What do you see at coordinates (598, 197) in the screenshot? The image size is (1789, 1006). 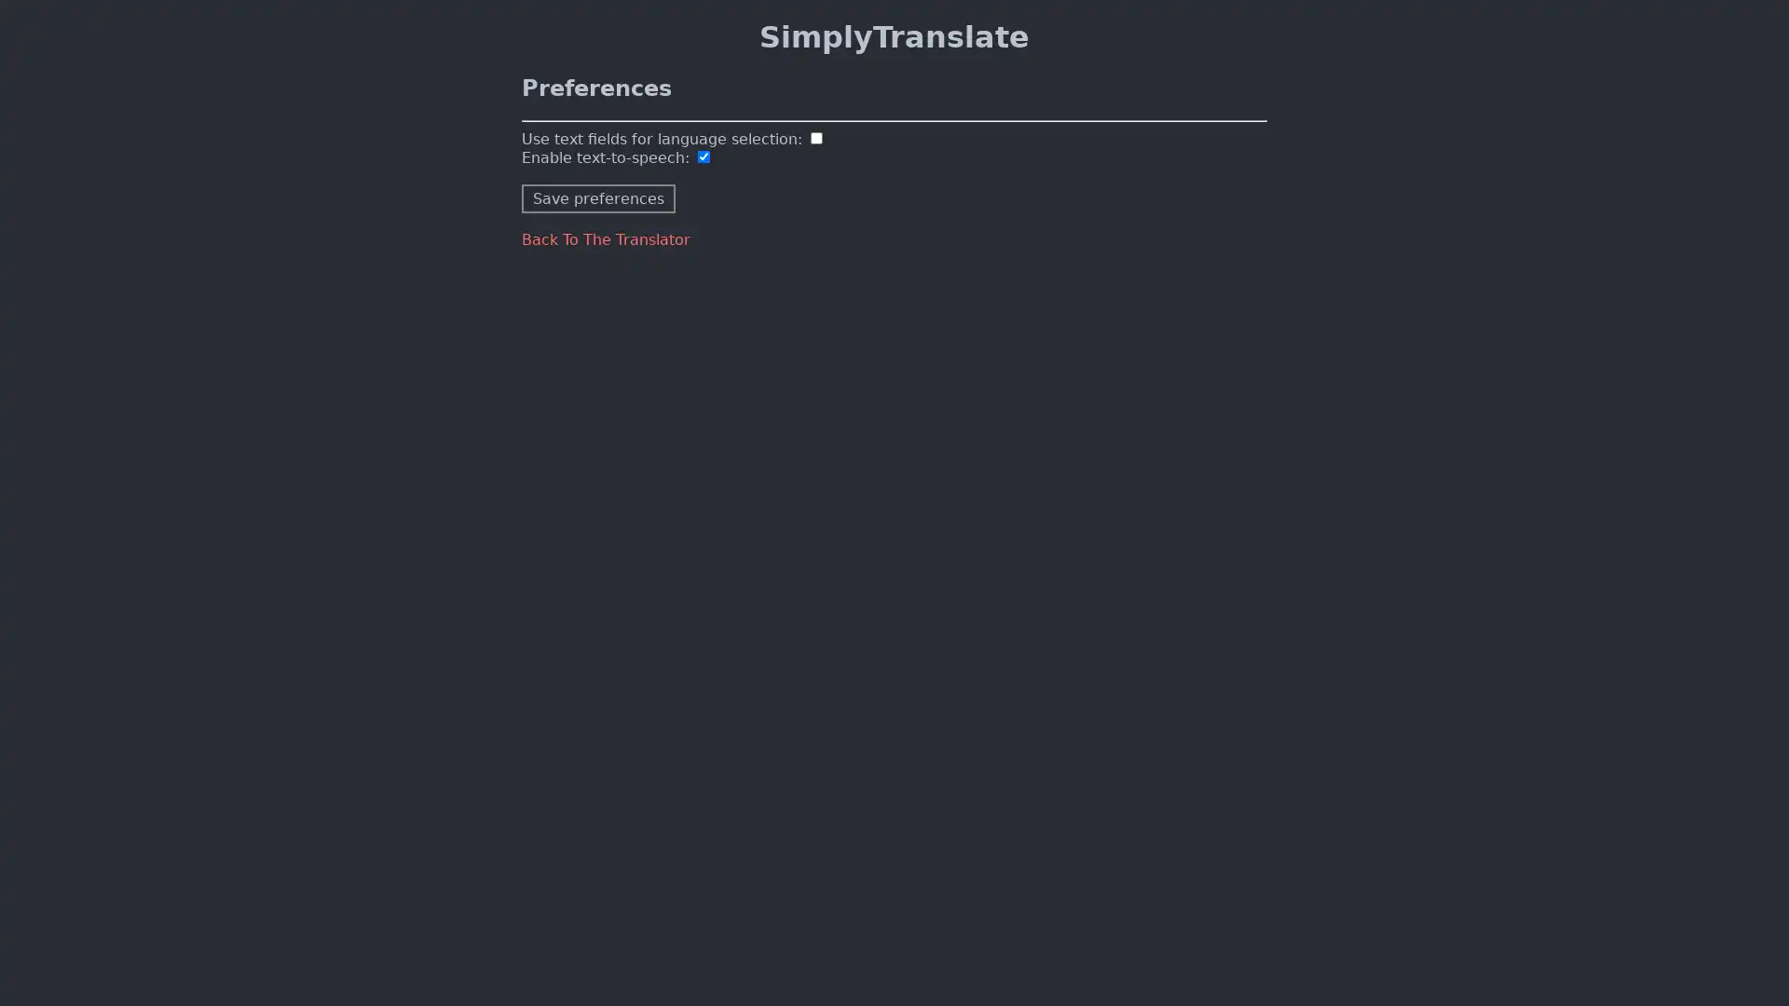 I see `Save preferences` at bounding box center [598, 197].